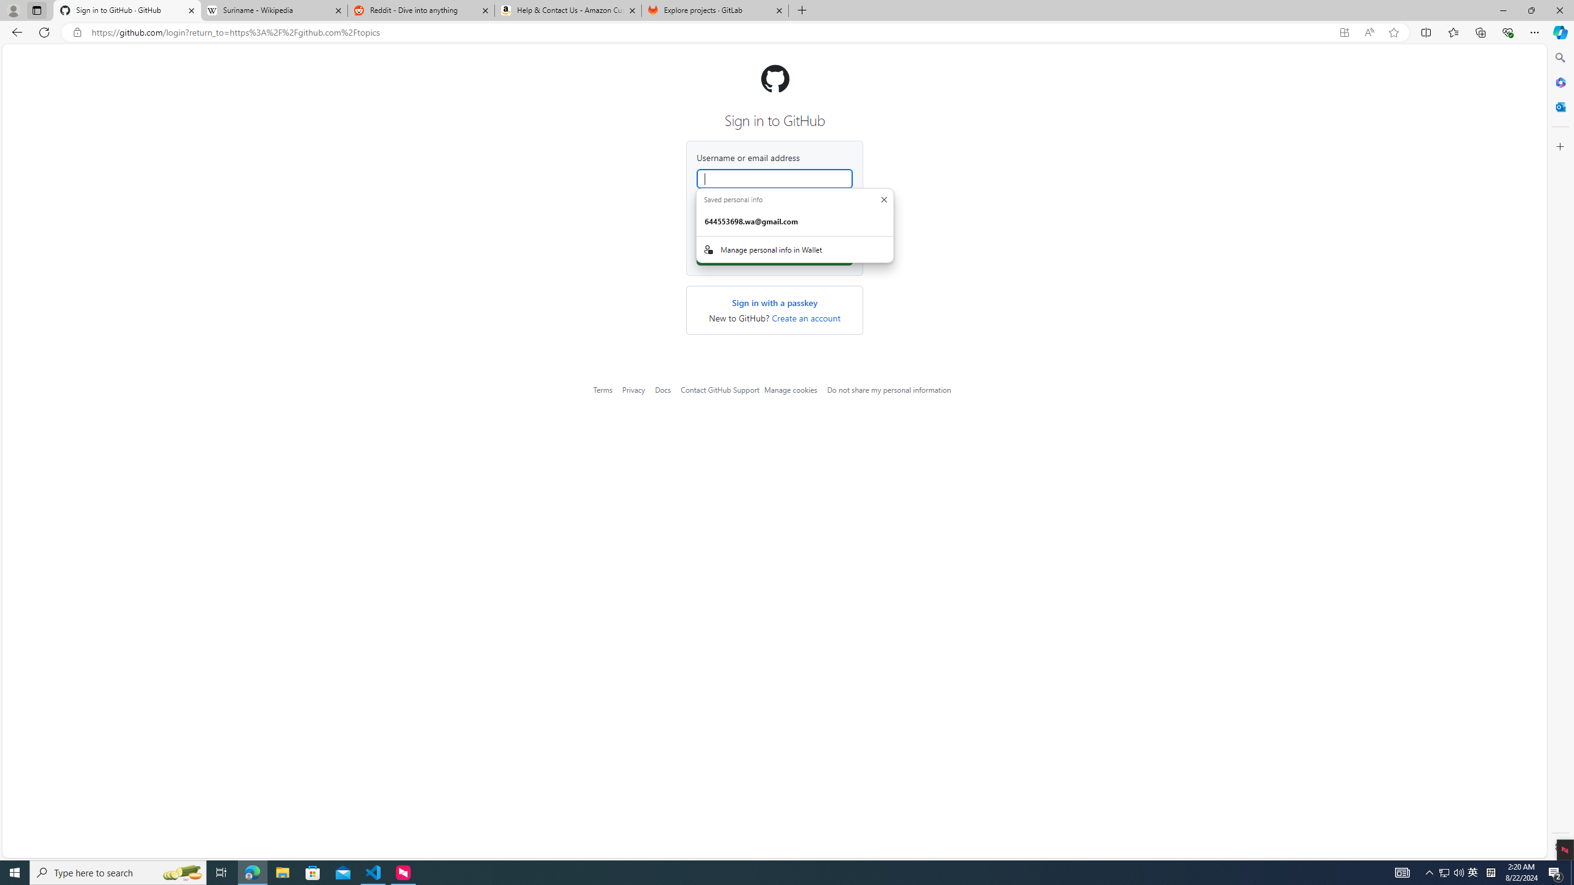 The width and height of the screenshot is (1574, 885). What do you see at coordinates (273, 10) in the screenshot?
I see `'Suriname - Wikipedia'` at bounding box center [273, 10].